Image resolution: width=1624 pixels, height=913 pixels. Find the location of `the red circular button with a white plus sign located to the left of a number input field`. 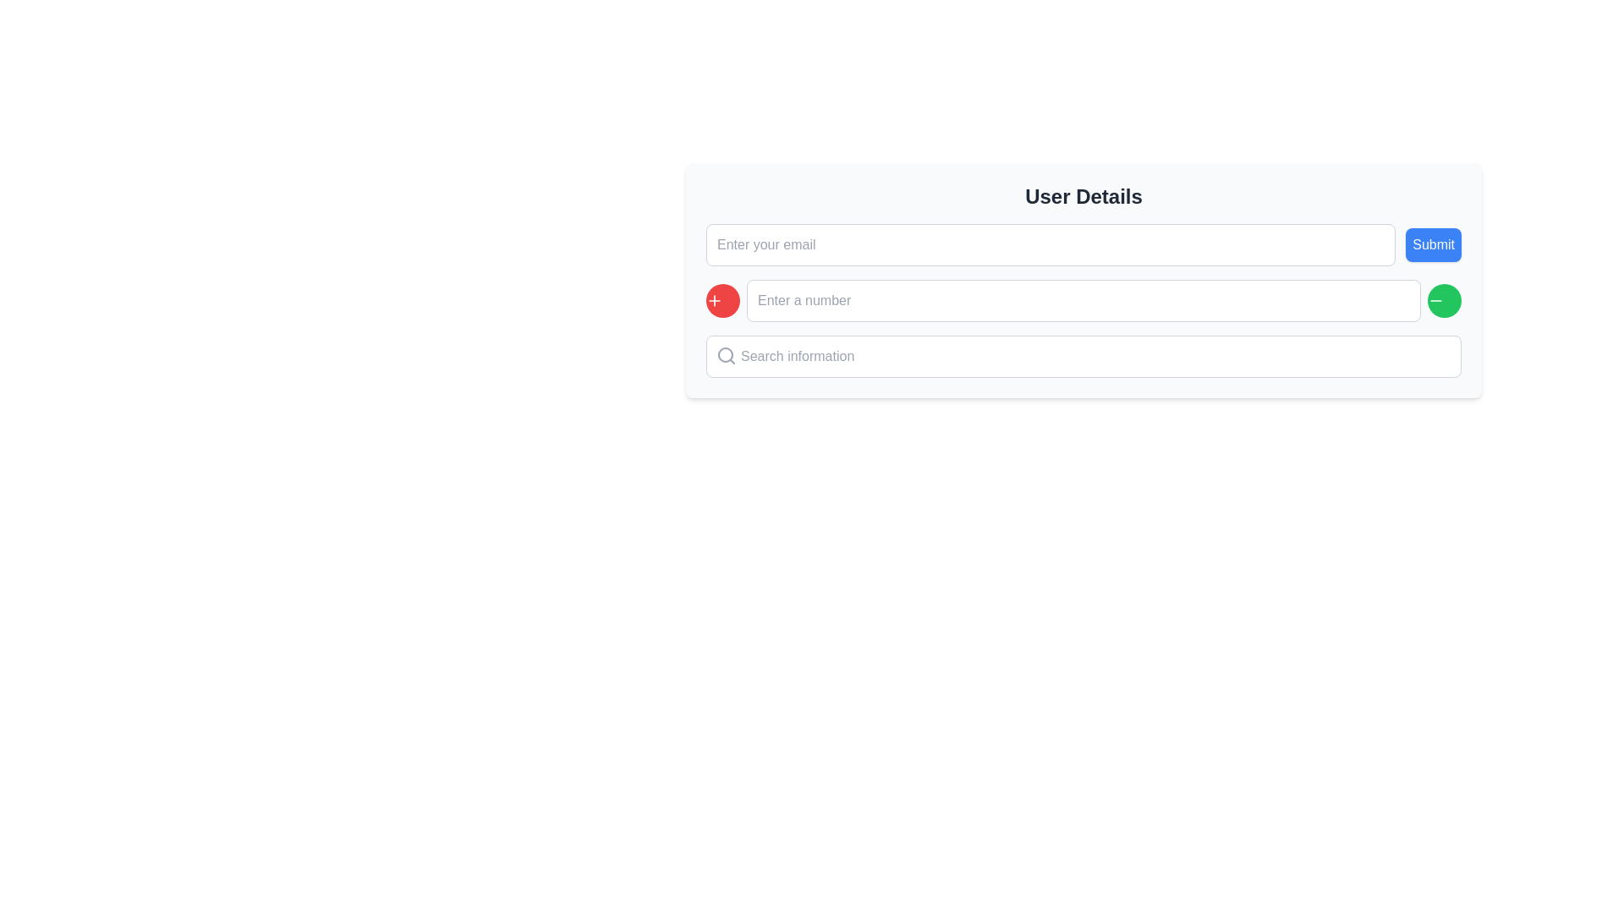

the red circular button with a white plus sign located to the left of a number input field is located at coordinates (722, 299).